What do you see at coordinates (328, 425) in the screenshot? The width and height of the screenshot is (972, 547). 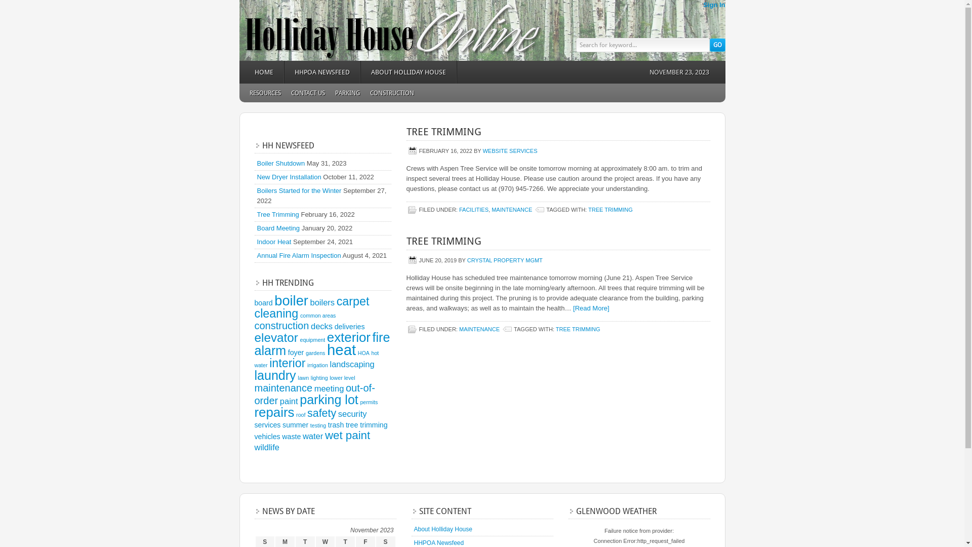 I see `'trash'` at bounding box center [328, 425].